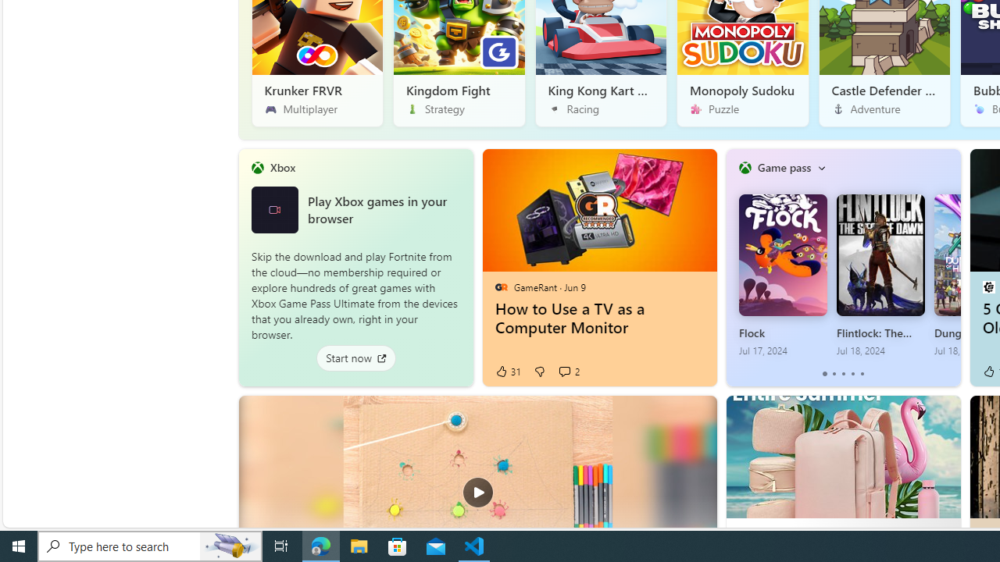 The width and height of the screenshot is (1000, 562). Describe the element at coordinates (861, 374) in the screenshot. I see `'tab-4'` at that location.